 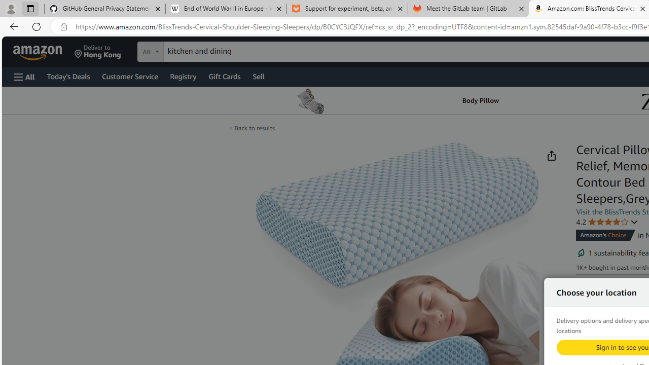 I want to click on 'Open Menu', so click(x=24, y=76).